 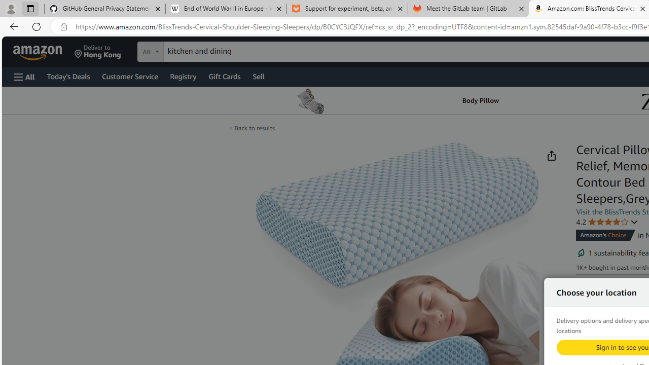 I want to click on 'Open Menu', so click(x=24, y=76).